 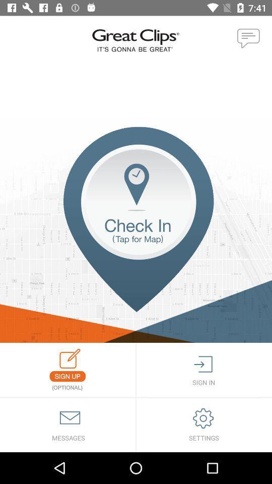 I want to click on the chat icon, so click(x=248, y=39).